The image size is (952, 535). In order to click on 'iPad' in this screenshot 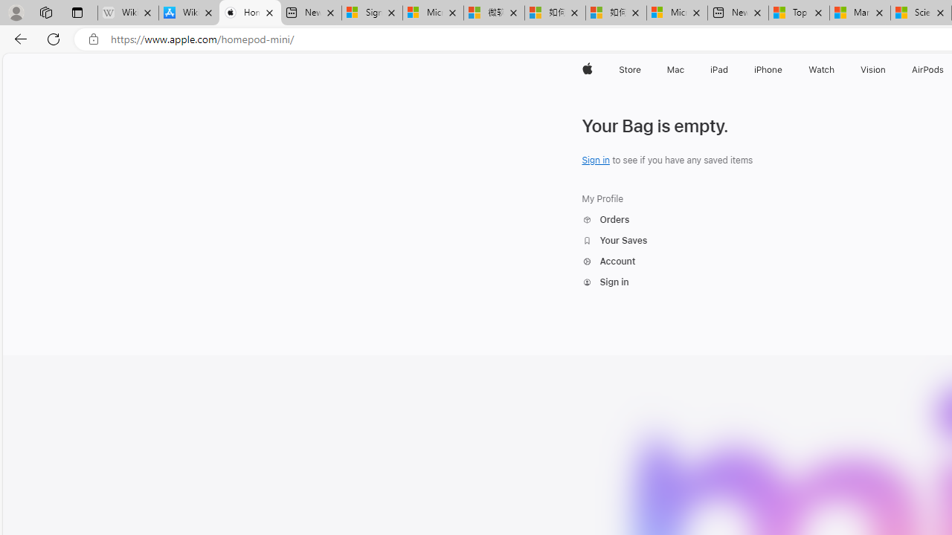, I will do `click(718, 69)`.